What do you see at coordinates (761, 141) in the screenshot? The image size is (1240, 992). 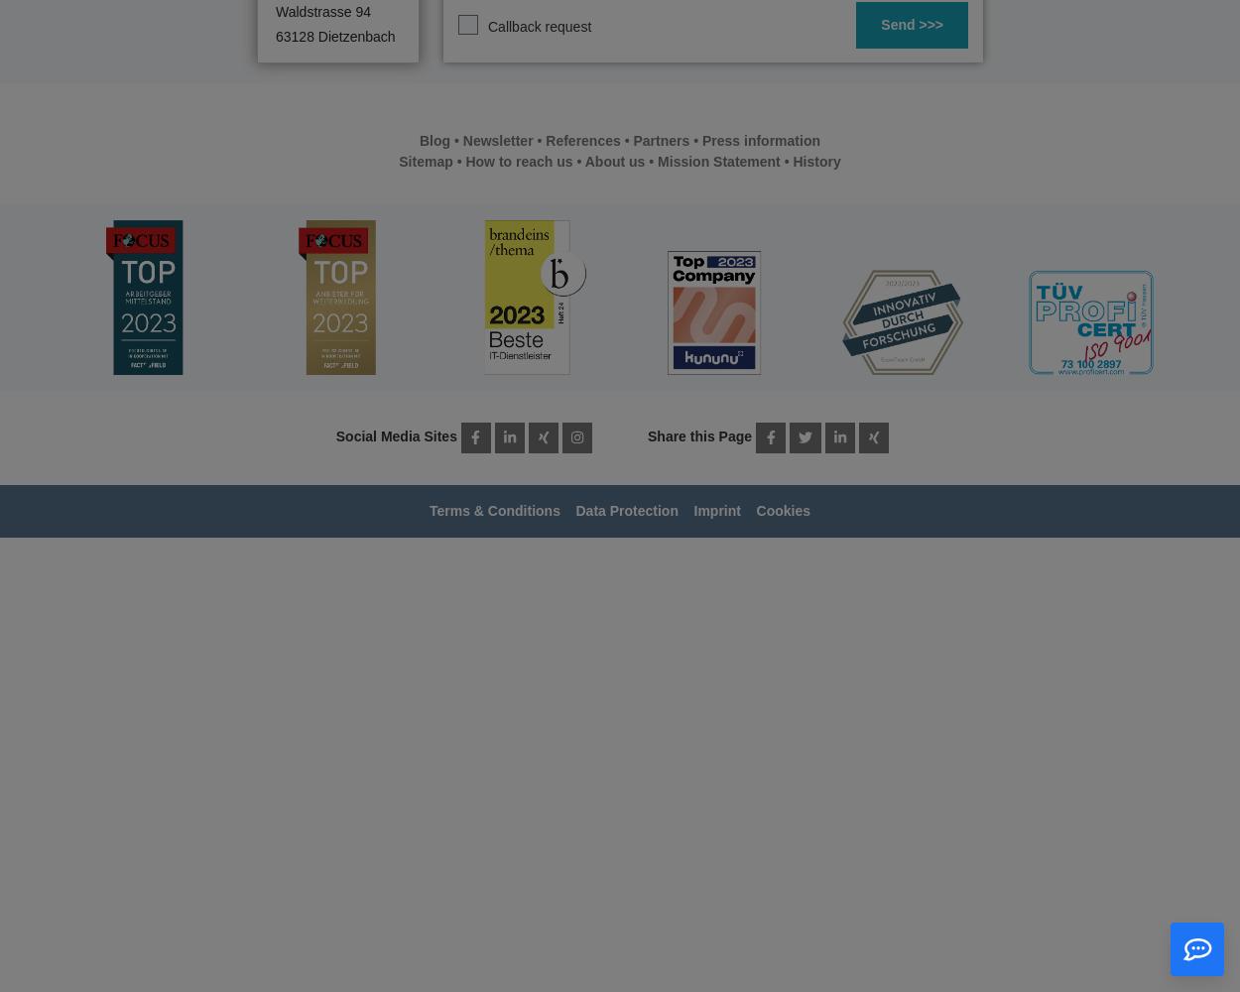 I see `'Press information'` at bounding box center [761, 141].